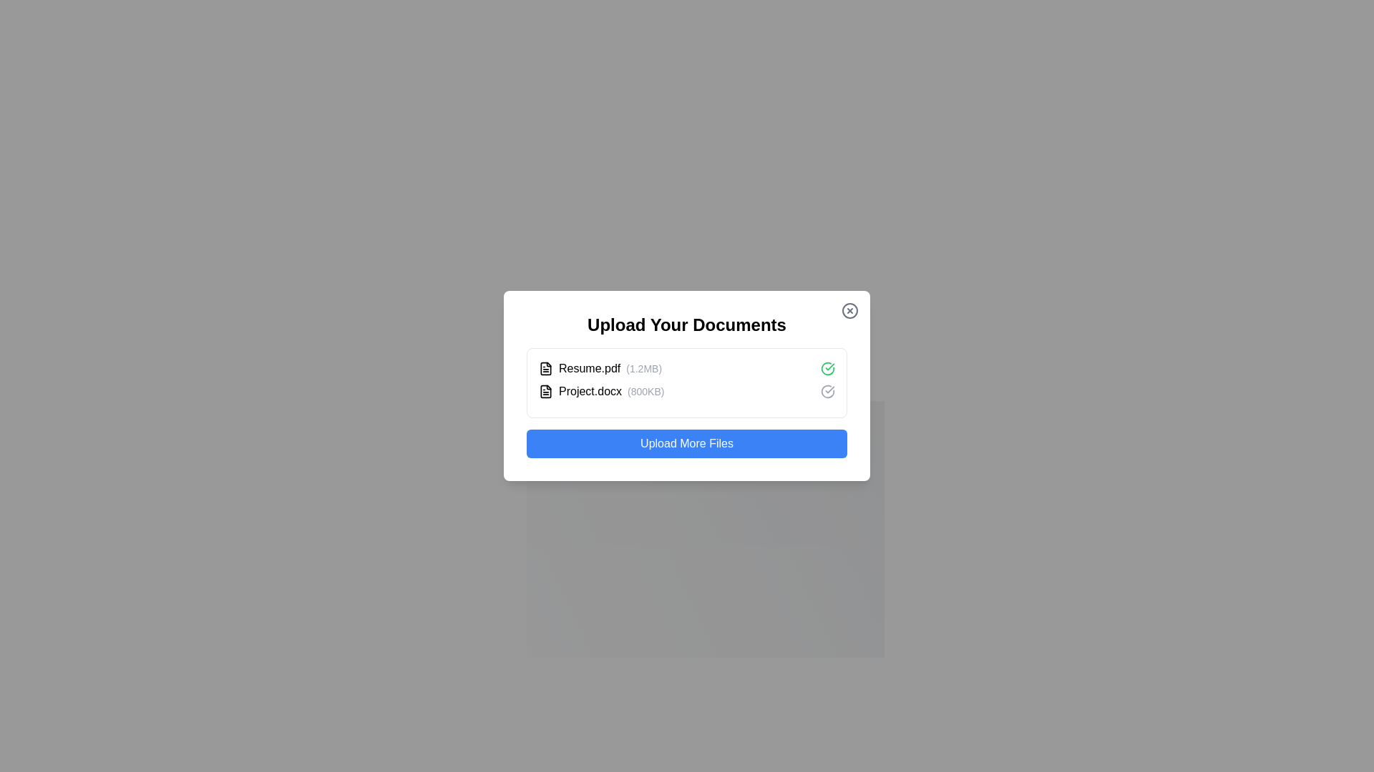 The image size is (1374, 772). Describe the element at coordinates (687, 443) in the screenshot. I see `the rectangular button with a blue background and white text that reads 'Upload More Files'` at that location.